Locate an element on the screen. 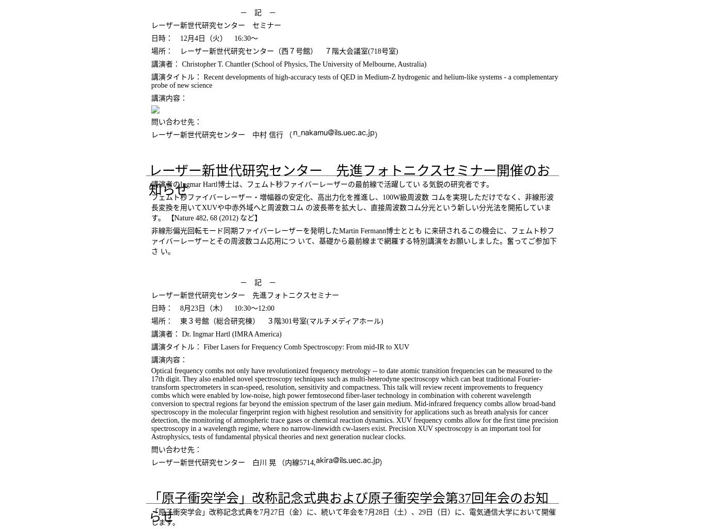  '場所：　東３号館（総合研究棟）　３階301号室(マルチメディアホール)' is located at coordinates (267, 320).